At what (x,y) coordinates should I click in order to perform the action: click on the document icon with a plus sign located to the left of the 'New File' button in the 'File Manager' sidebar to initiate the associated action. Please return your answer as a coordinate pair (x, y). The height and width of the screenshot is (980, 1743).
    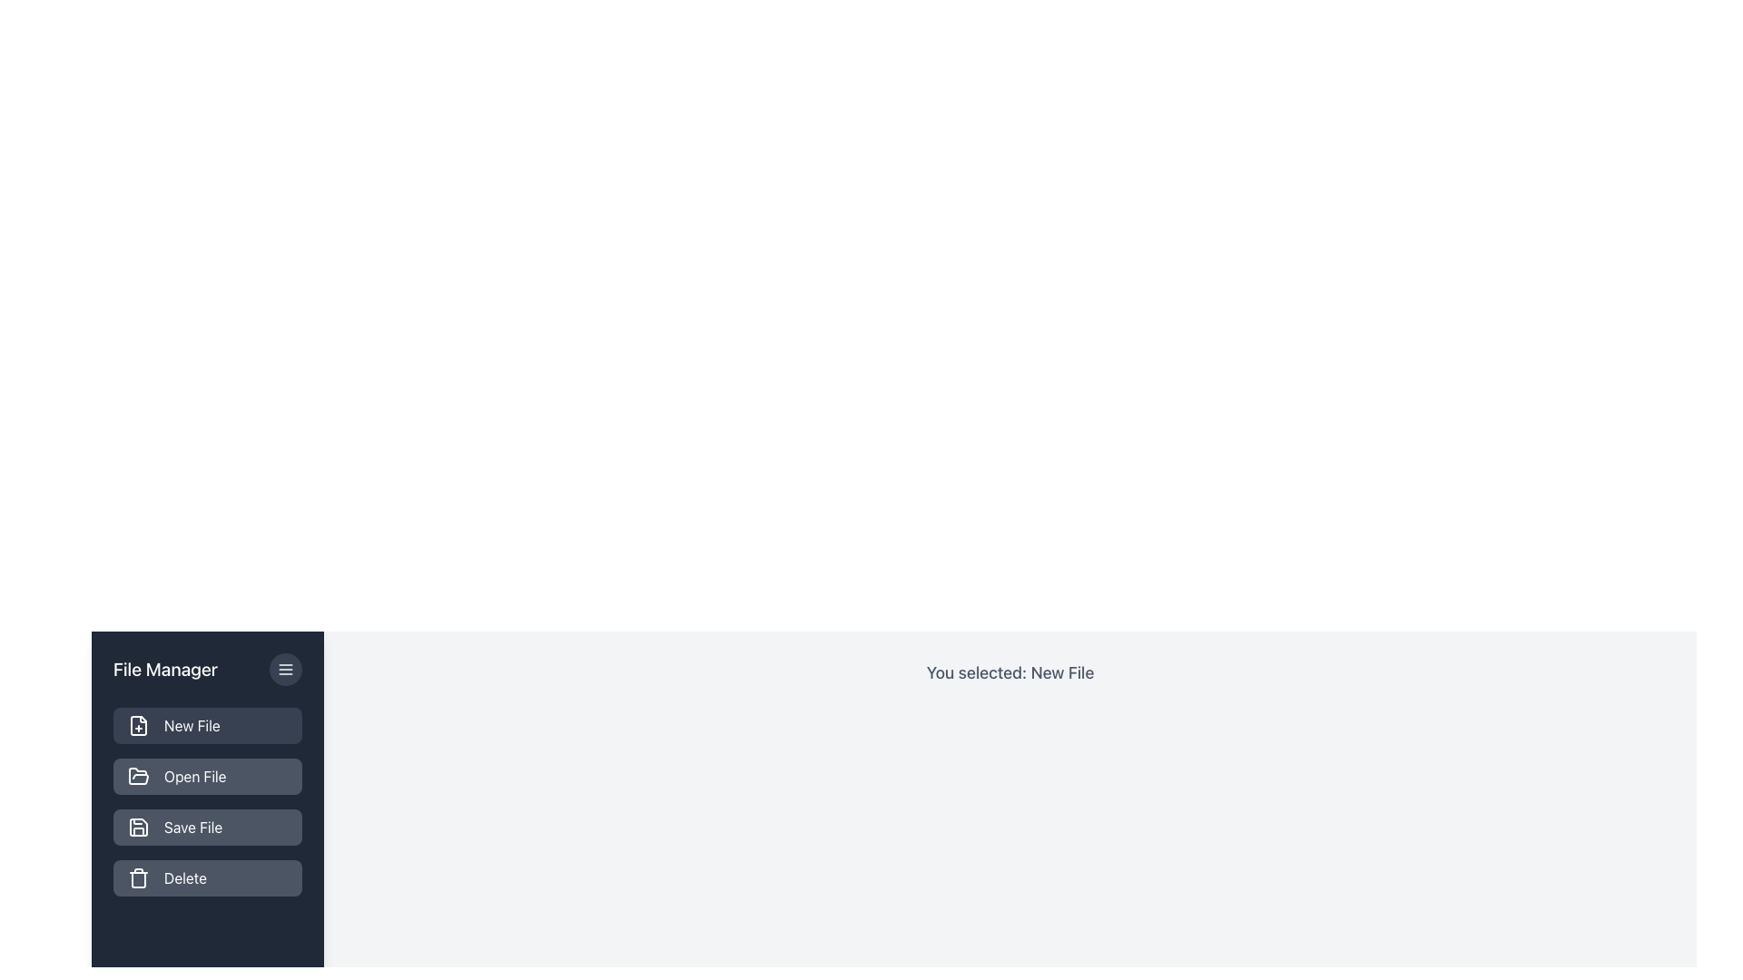
    Looking at the image, I should click on (138, 724).